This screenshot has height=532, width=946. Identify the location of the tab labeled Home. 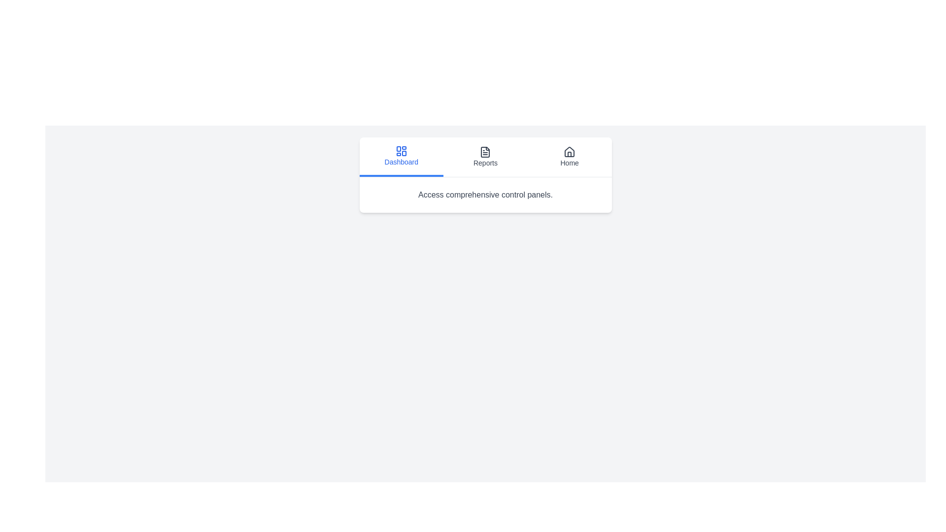
(570, 157).